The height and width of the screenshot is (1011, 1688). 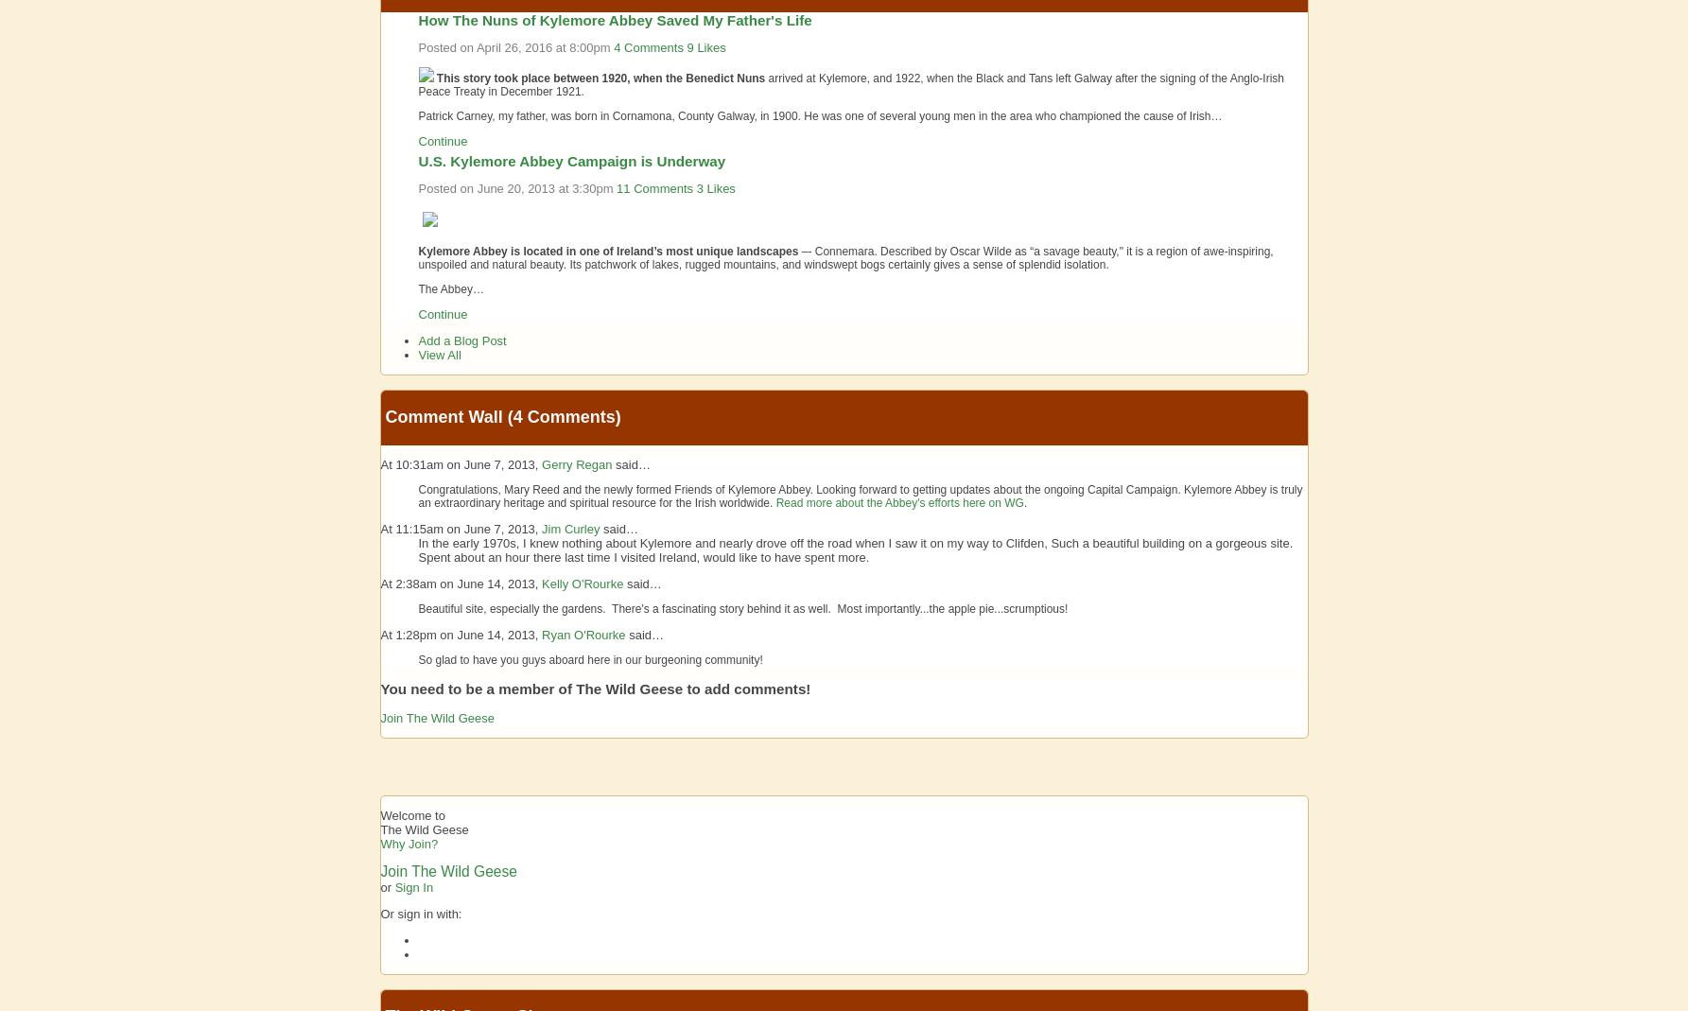 What do you see at coordinates (460, 528) in the screenshot?
I see `'At 11:15am on June 7, 2013,'` at bounding box center [460, 528].